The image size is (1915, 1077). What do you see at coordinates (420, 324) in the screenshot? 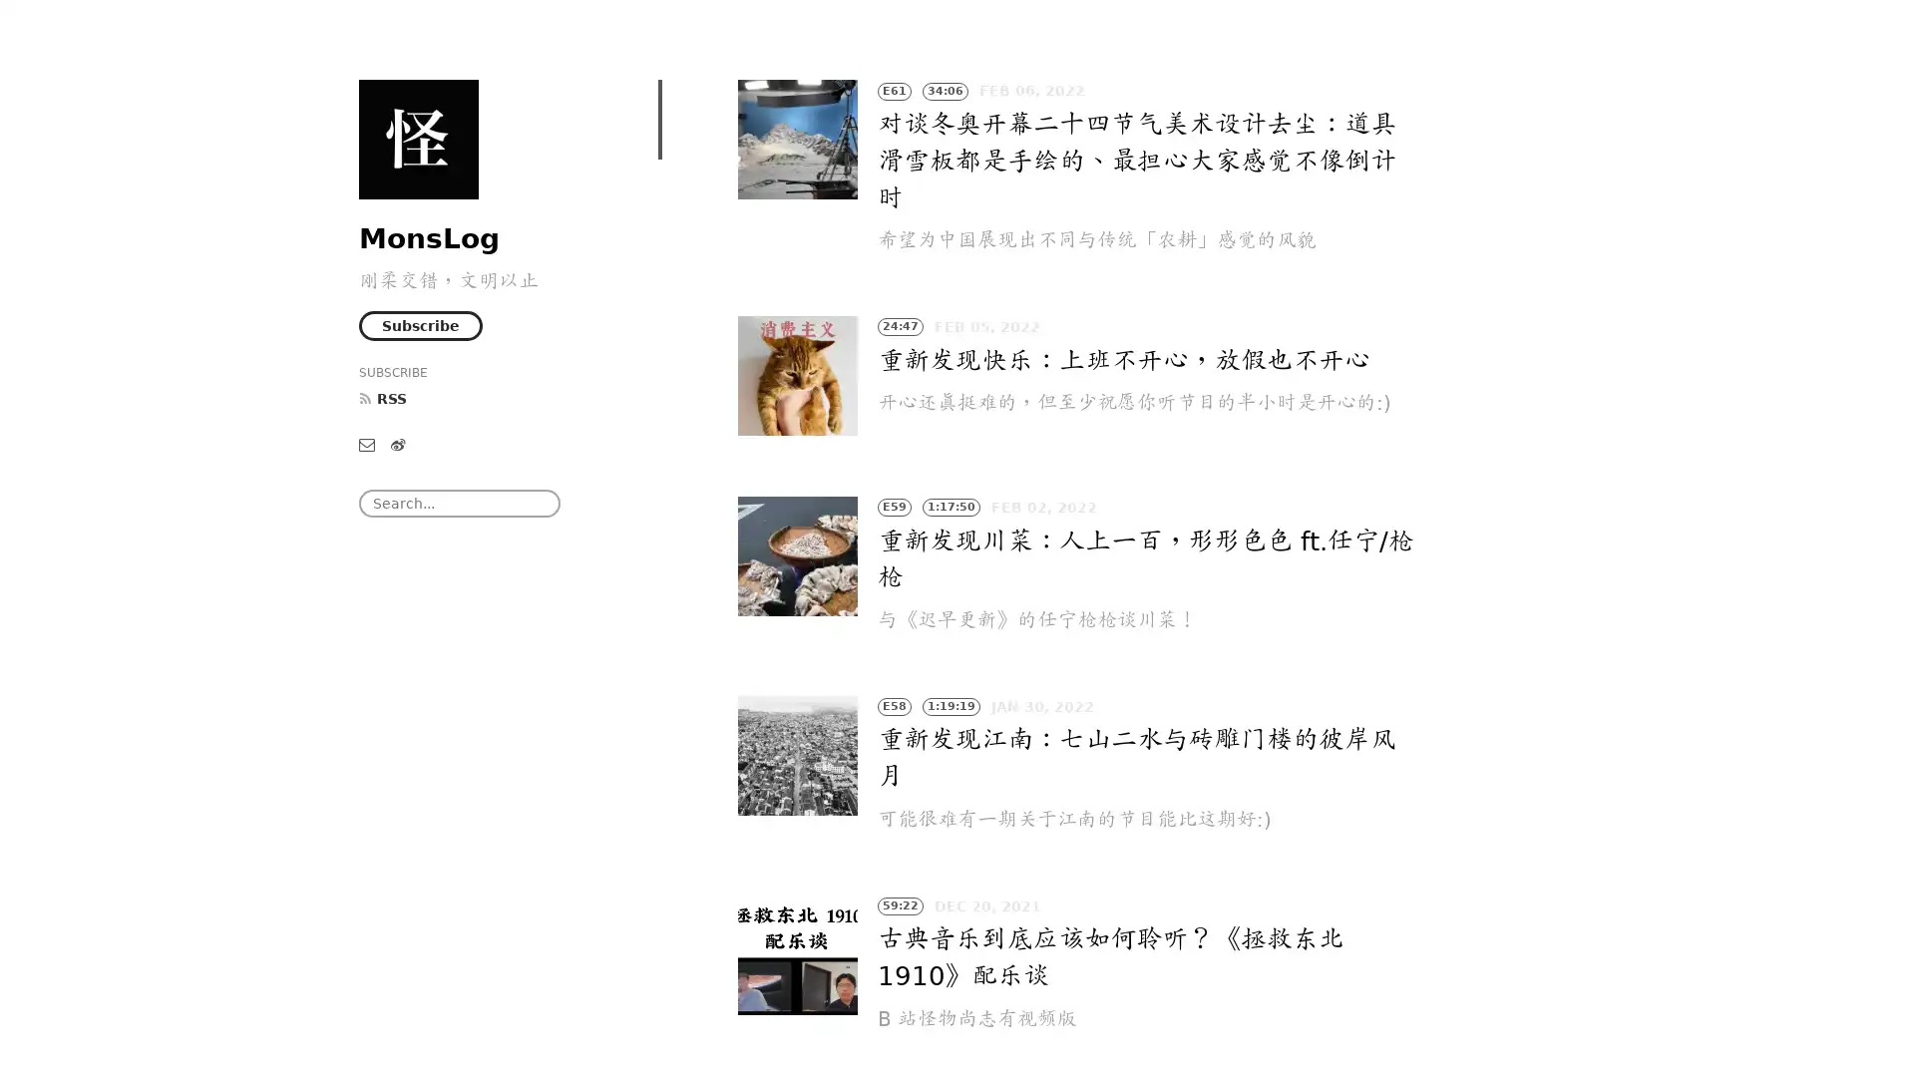
I see `Subscribe` at bounding box center [420, 324].